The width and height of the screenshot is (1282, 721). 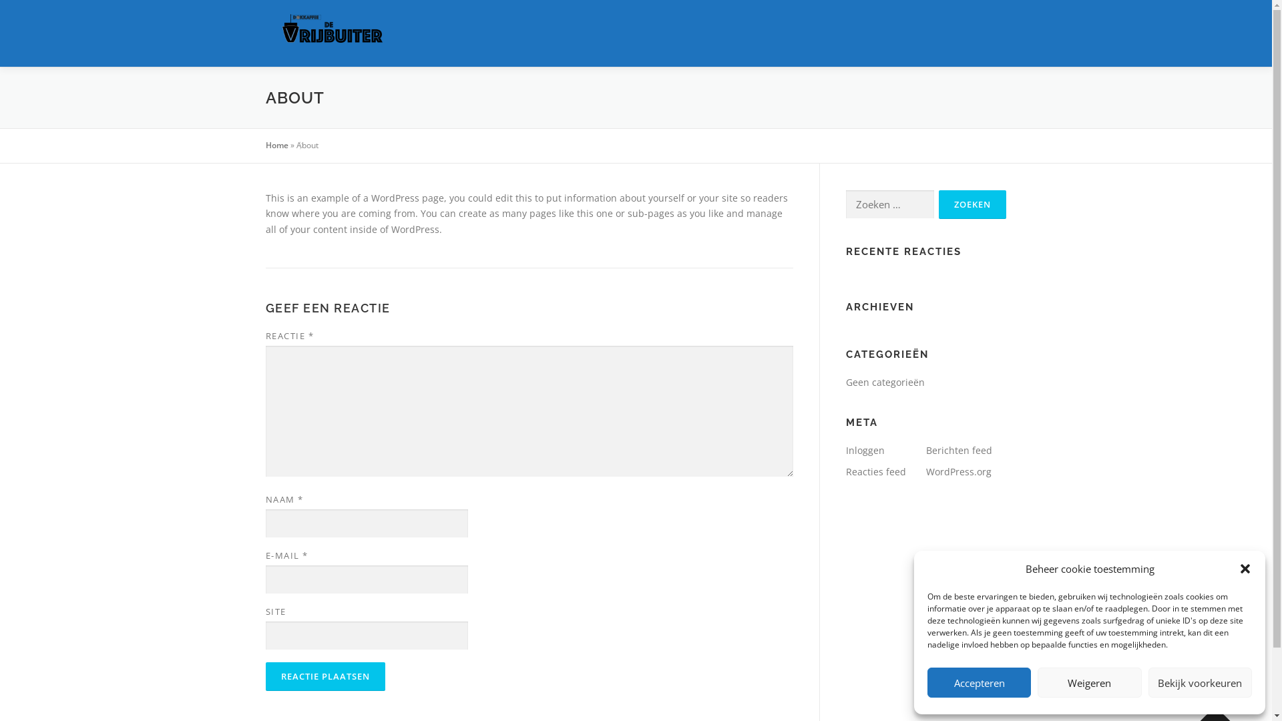 What do you see at coordinates (957, 471) in the screenshot?
I see `'WordPress.org'` at bounding box center [957, 471].